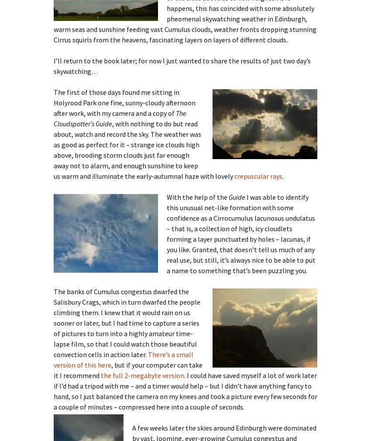  What do you see at coordinates (127, 322) in the screenshot?
I see `'The banks of Cumulus congestus dwarfed the Salisbury Crags, which in turn dwarfed the people climbing them. I knew that it would rain on us sooner or later, but I had time to capture a series of pictures to turn into a highly amateur time-lapse film, so that I could watch those beautiful convection cells in action later.'` at bounding box center [127, 322].